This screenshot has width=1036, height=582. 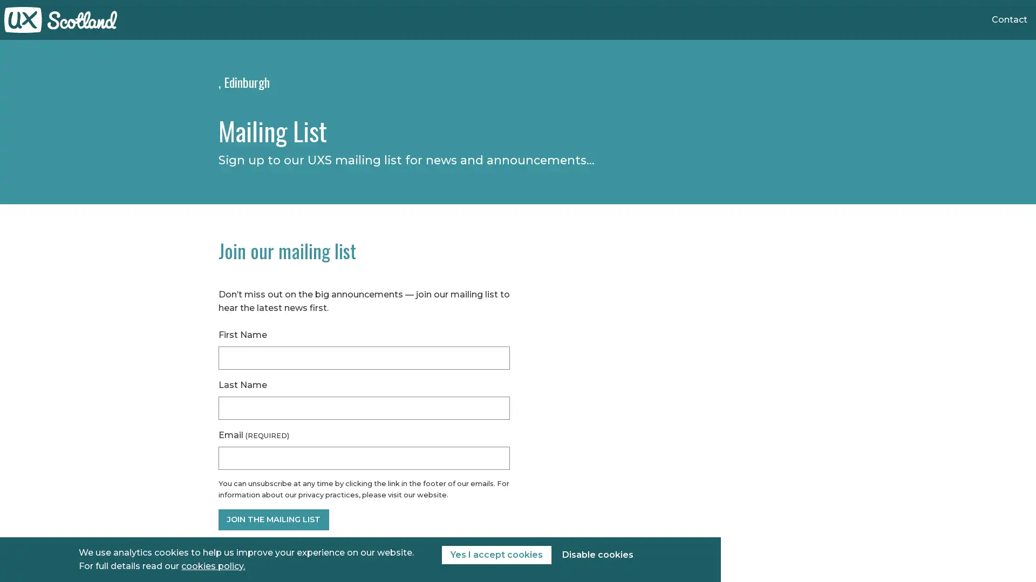 I want to click on Disable cookies, so click(x=597, y=555).